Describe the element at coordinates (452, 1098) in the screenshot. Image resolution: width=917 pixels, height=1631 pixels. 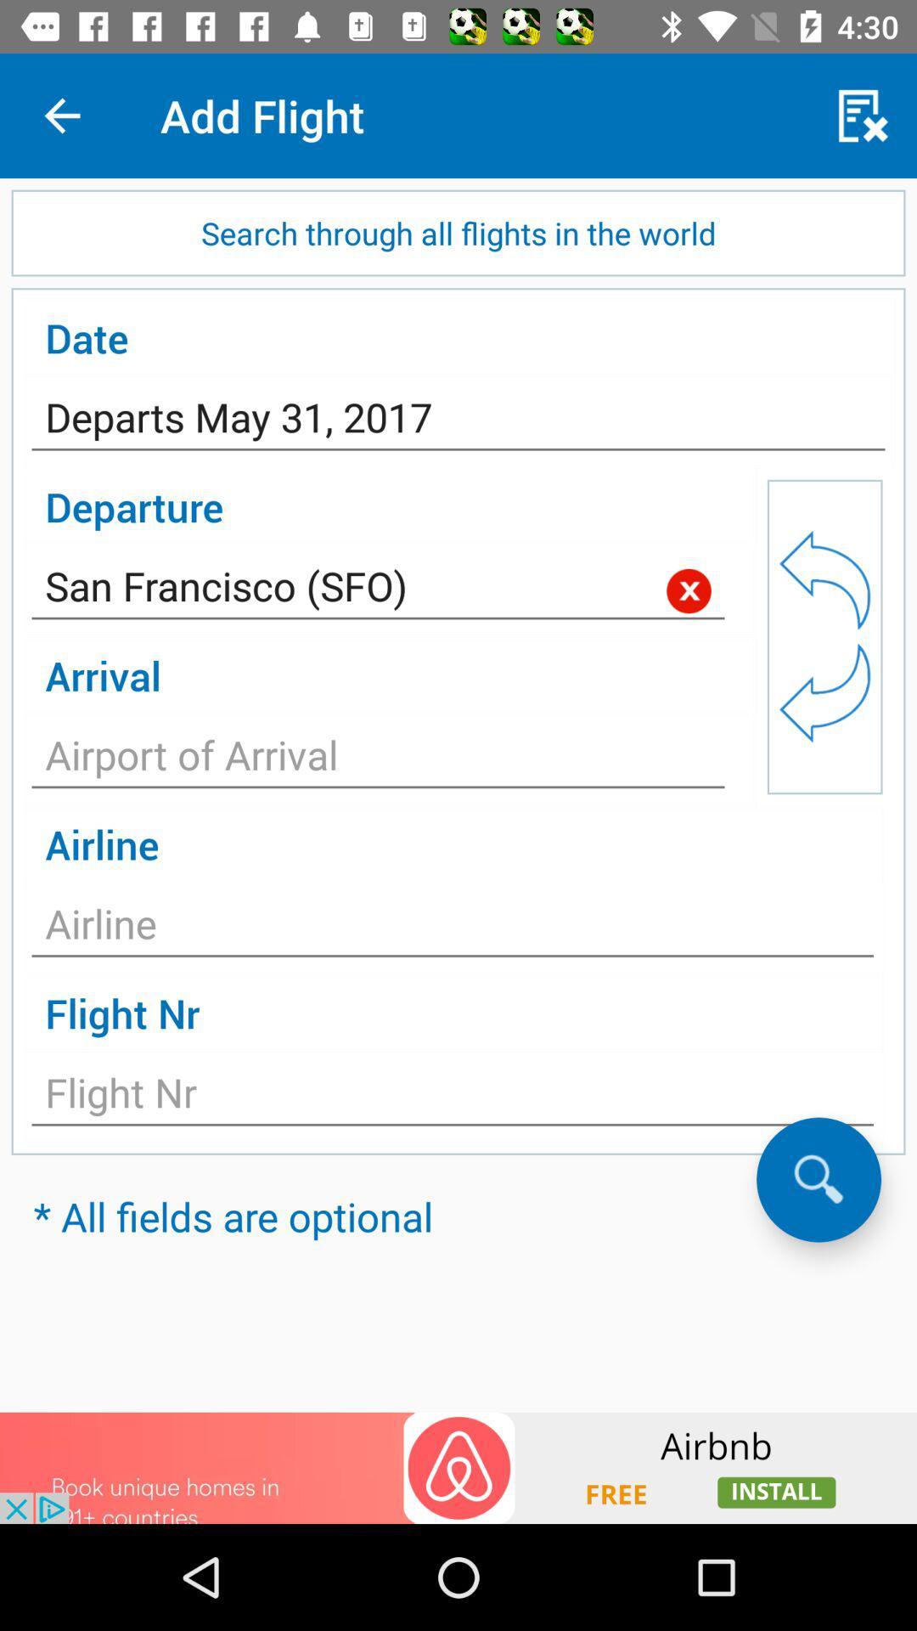
I see `flightnr` at that location.